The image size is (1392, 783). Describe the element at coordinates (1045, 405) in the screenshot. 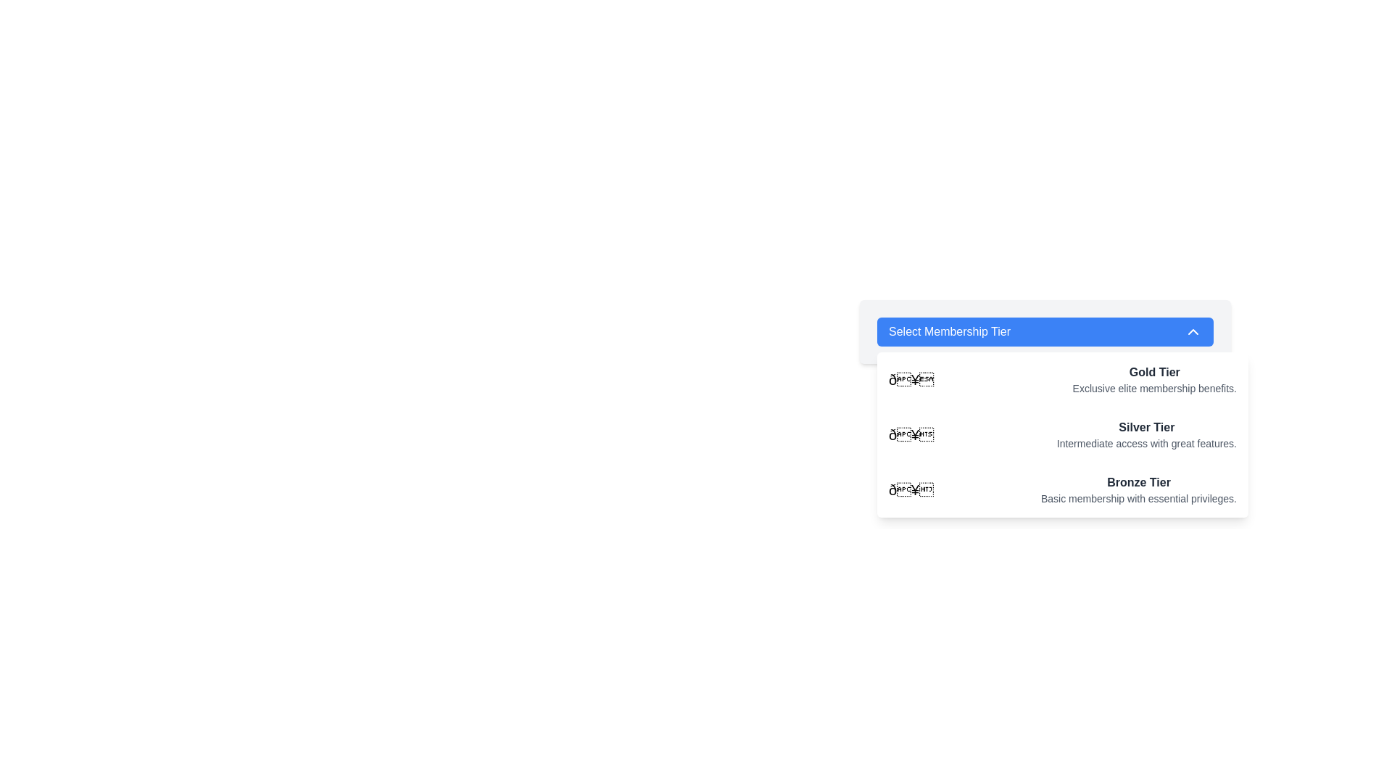

I see `the 'Silver Tier' option in the membership tier dropdown list` at that location.